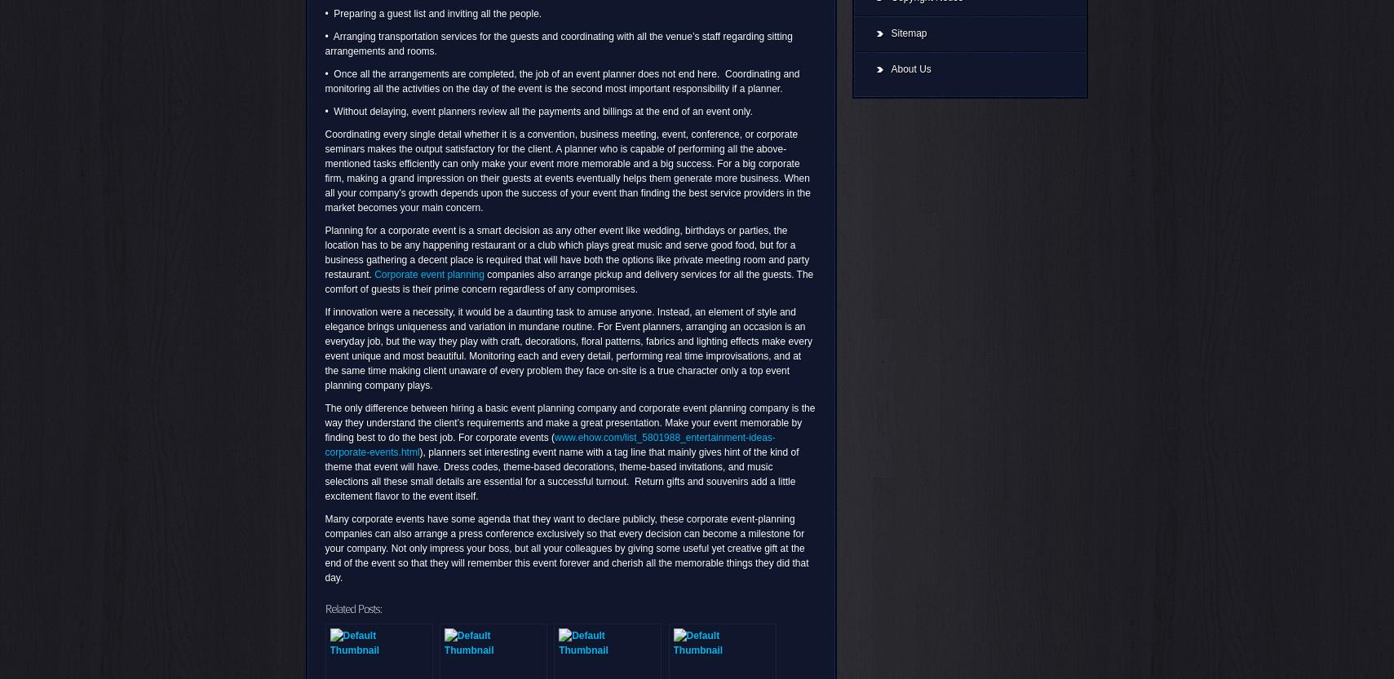 This screenshot has height=679, width=1394. What do you see at coordinates (549, 444) in the screenshot?
I see `'www.ehow.com/list_5801988_entertainment-ideas-corporate-events.html'` at bounding box center [549, 444].